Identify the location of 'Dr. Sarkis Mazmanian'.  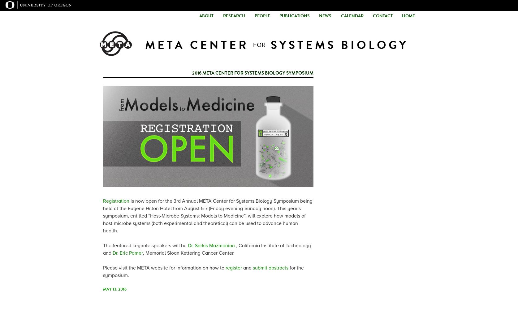
(212, 246).